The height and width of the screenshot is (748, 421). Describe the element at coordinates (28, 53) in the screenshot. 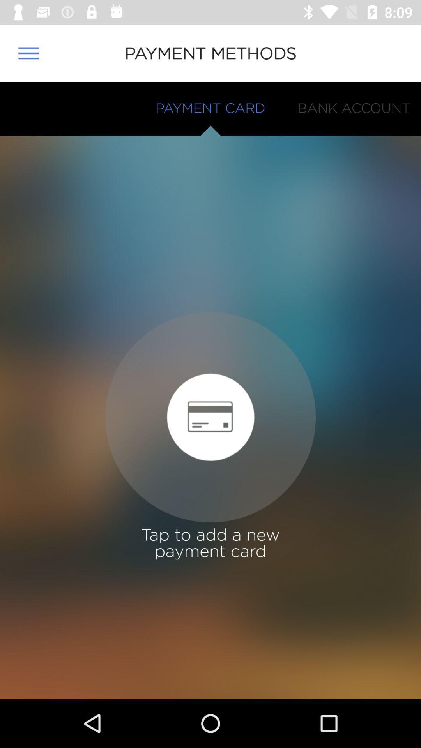

I see `the icon at the top left corner` at that location.